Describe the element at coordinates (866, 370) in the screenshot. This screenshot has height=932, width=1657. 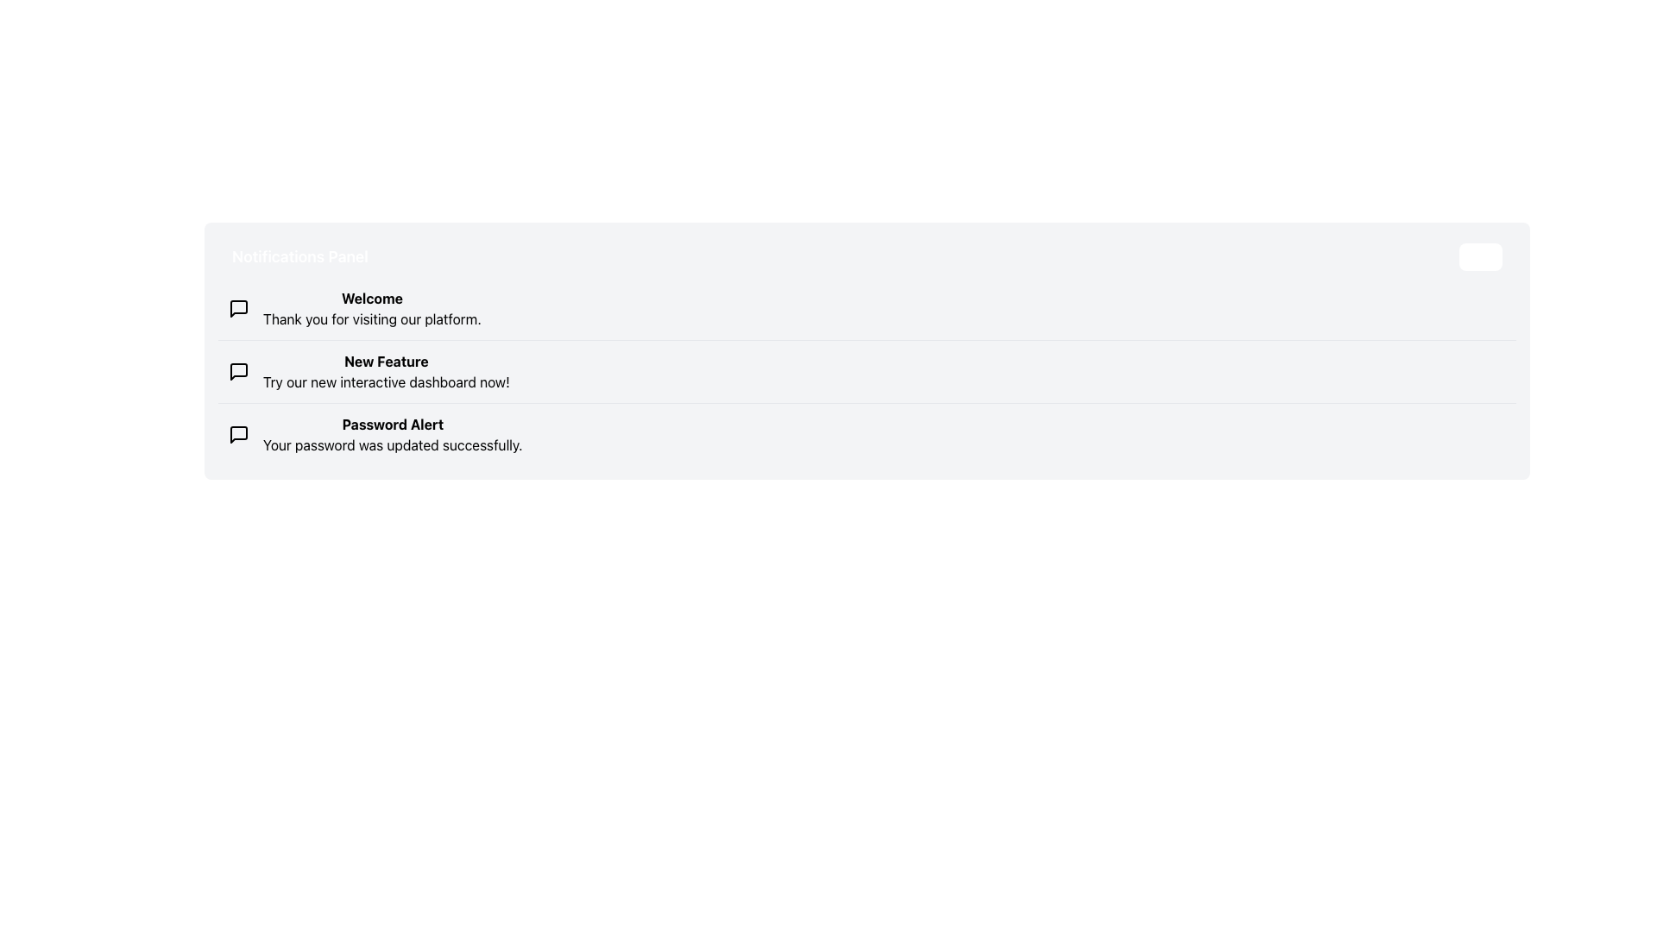
I see `contents of the Notification item titled 'New Feature' that is the second entry in the Notifications Panel, which includes a message about trying the new interactive dashboard` at that location.